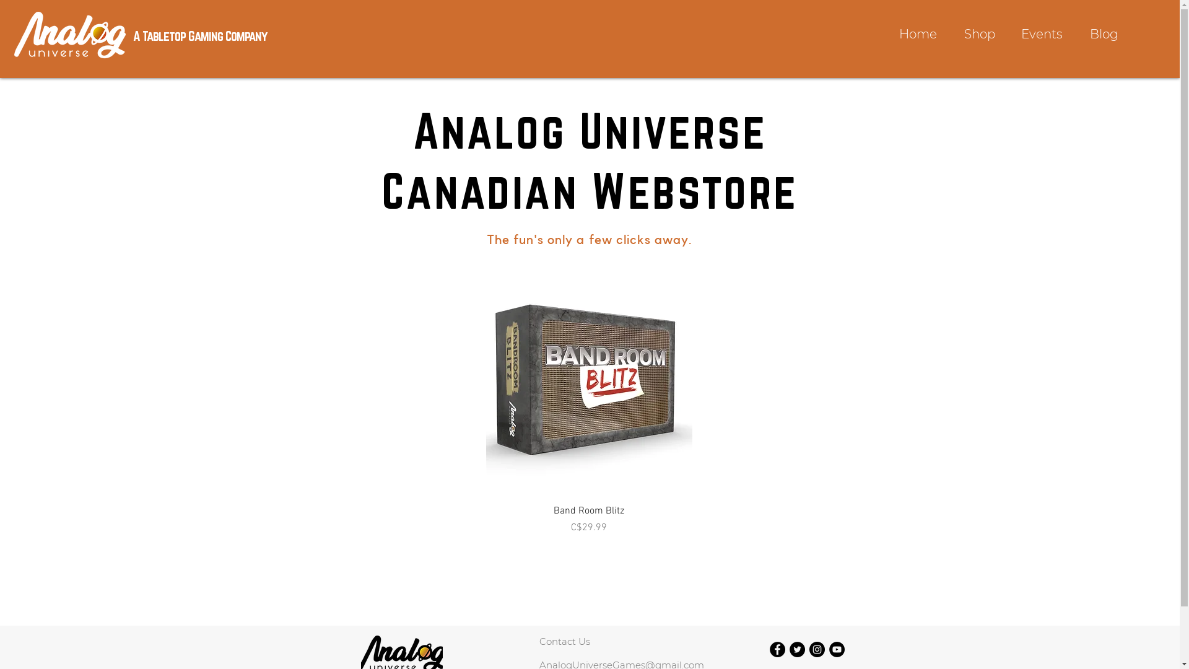 The width and height of the screenshot is (1189, 669). I want to click on 'Home', so click(918, 35).